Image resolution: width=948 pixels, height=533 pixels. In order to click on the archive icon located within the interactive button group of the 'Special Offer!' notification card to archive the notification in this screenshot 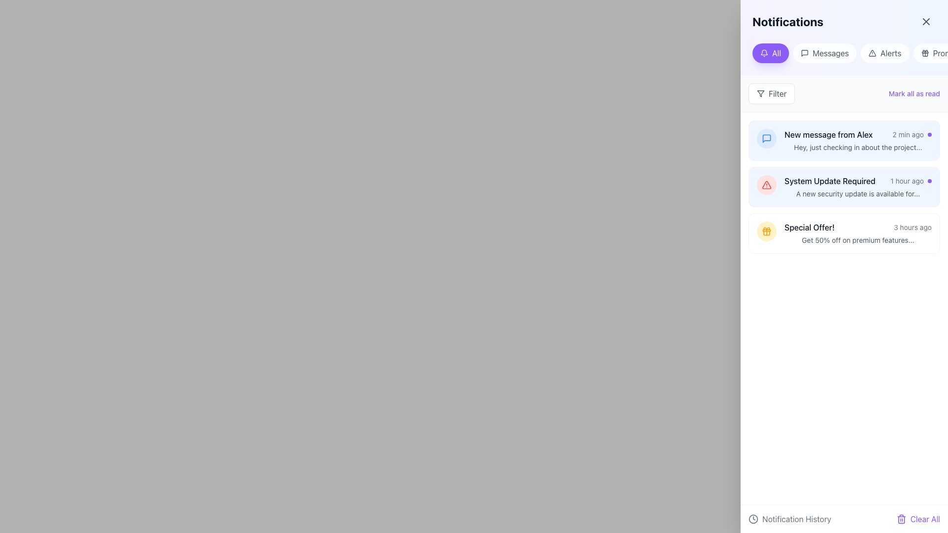, I will do `click(904, 233)`.